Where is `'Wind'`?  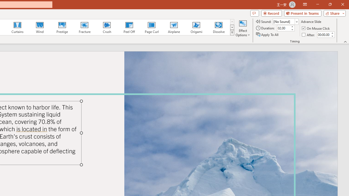
'Wind' is located at coordinates (39, 27).